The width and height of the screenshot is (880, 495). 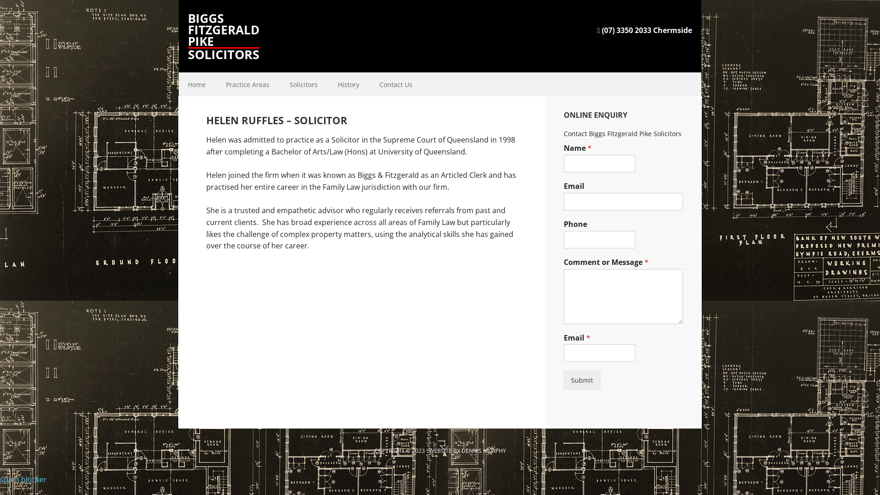 I want to click on 'Home', so click(x=196, y=84).